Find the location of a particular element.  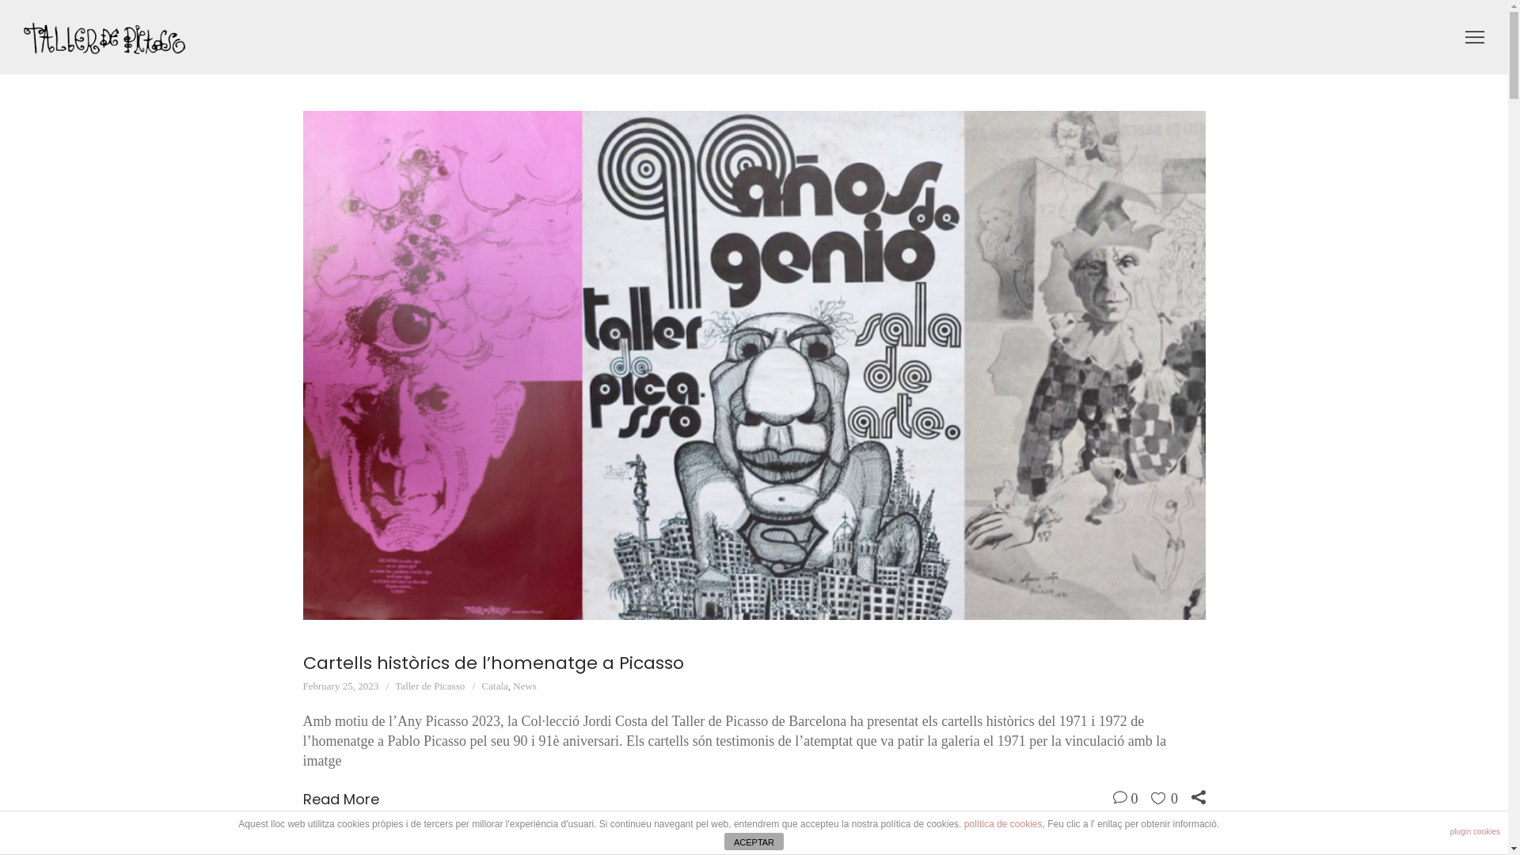

'February 25, 2023' is located at coordinates (340, 685).